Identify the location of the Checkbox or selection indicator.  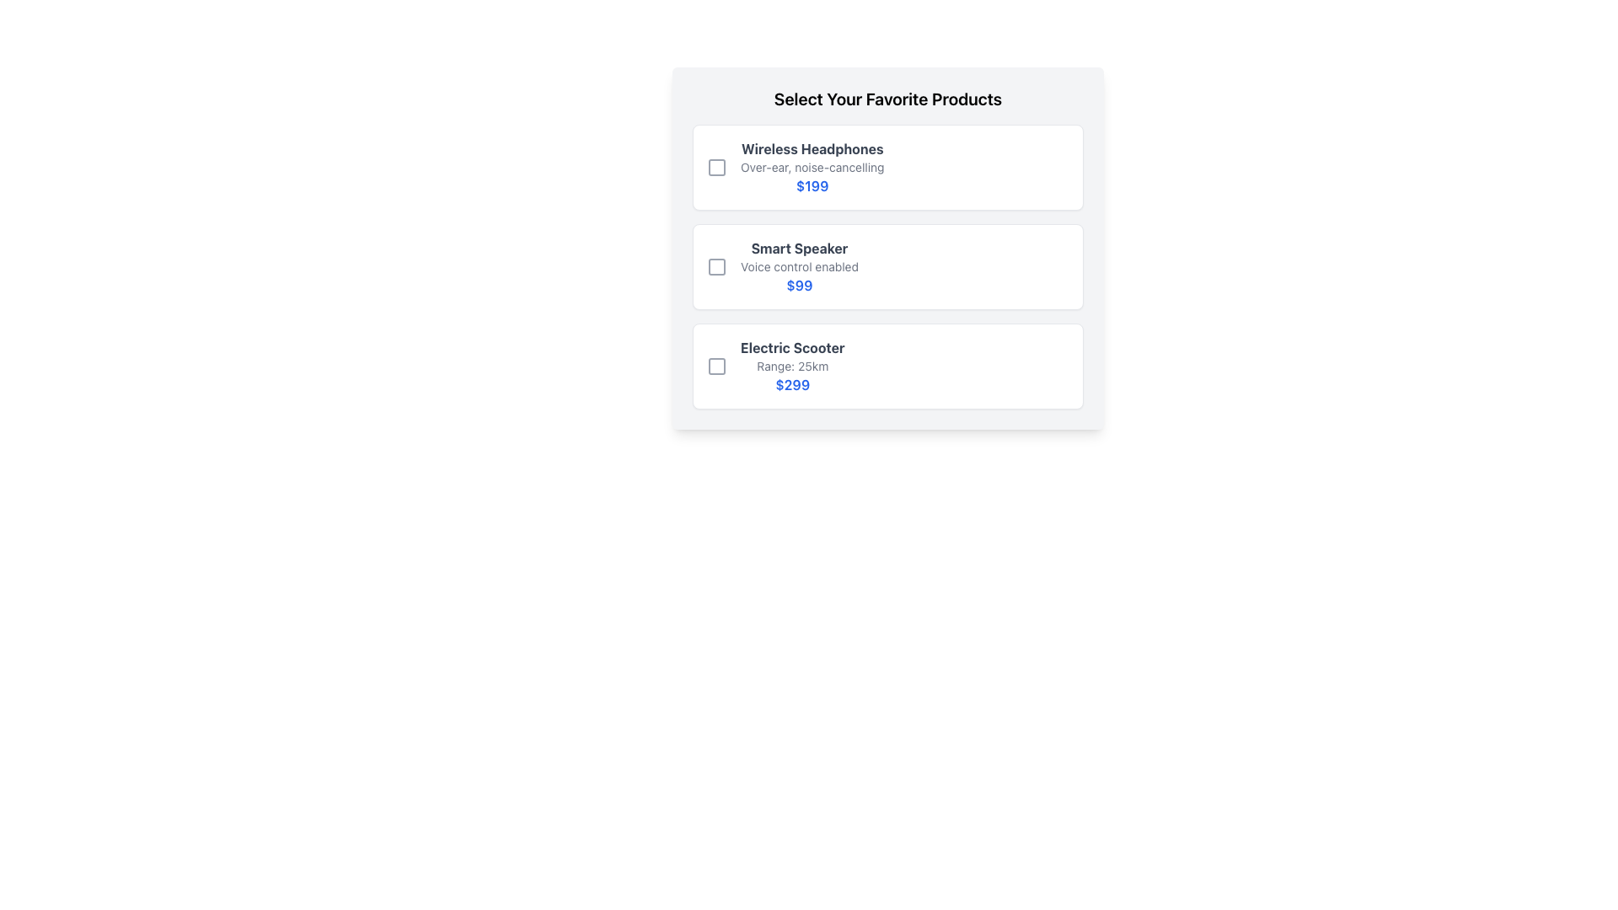
(716, 168).